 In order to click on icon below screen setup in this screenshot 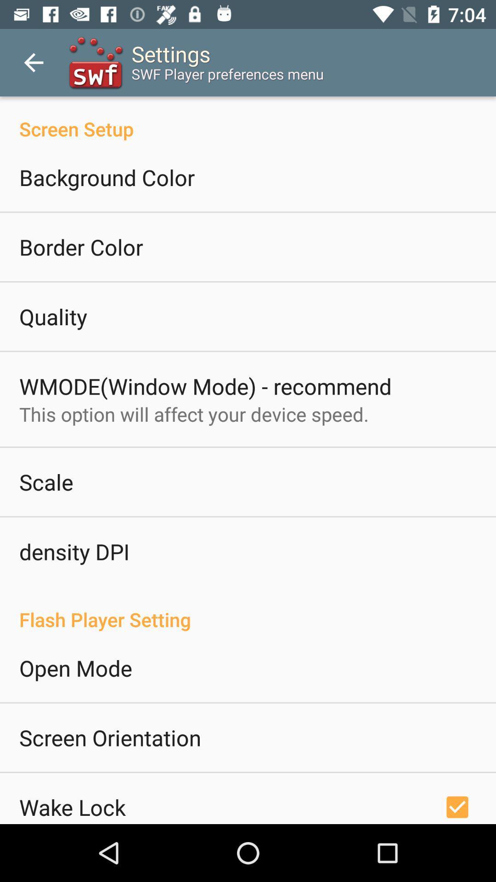, I will do `click(107, 177)`.